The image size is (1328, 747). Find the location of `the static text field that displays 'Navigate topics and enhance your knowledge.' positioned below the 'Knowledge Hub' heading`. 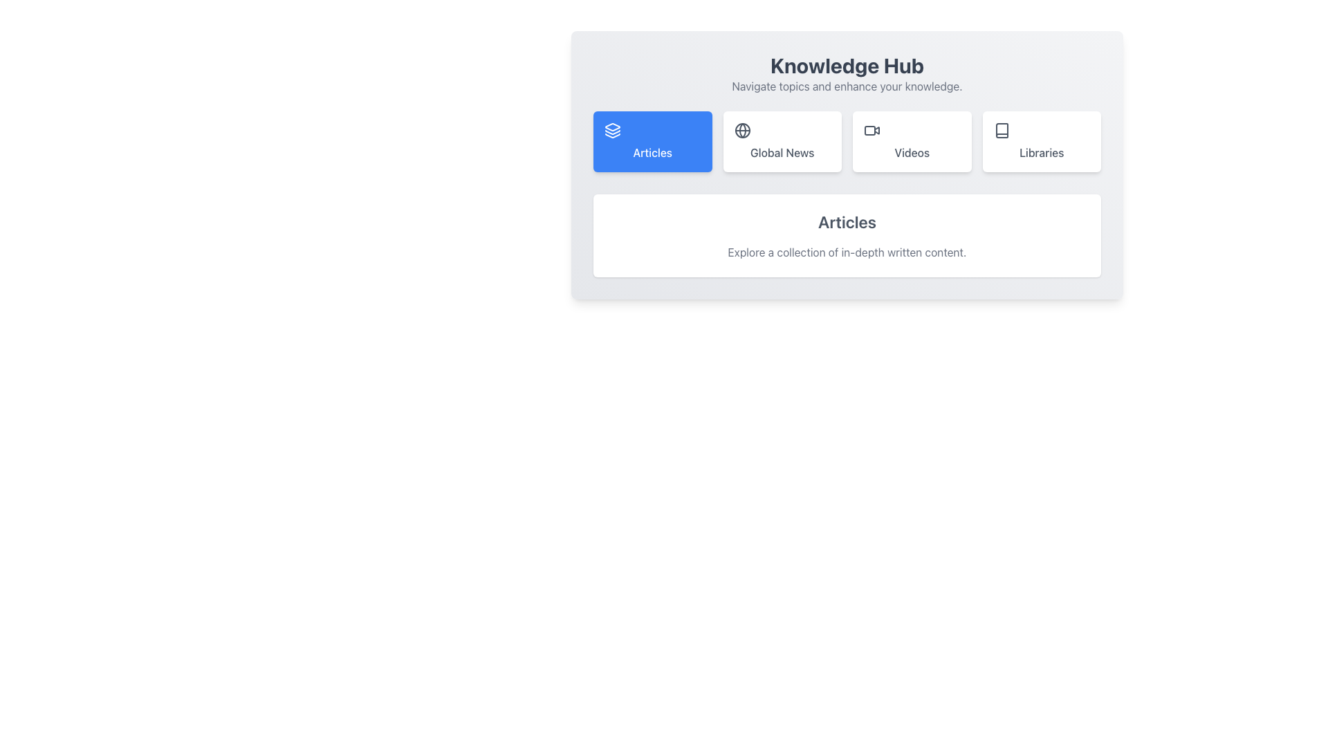

the static text field that displays 'Navigate topics and enhance your knowledge.' positioned below the 'Knowledge Hub' heading is located at coordinates (846, 86).